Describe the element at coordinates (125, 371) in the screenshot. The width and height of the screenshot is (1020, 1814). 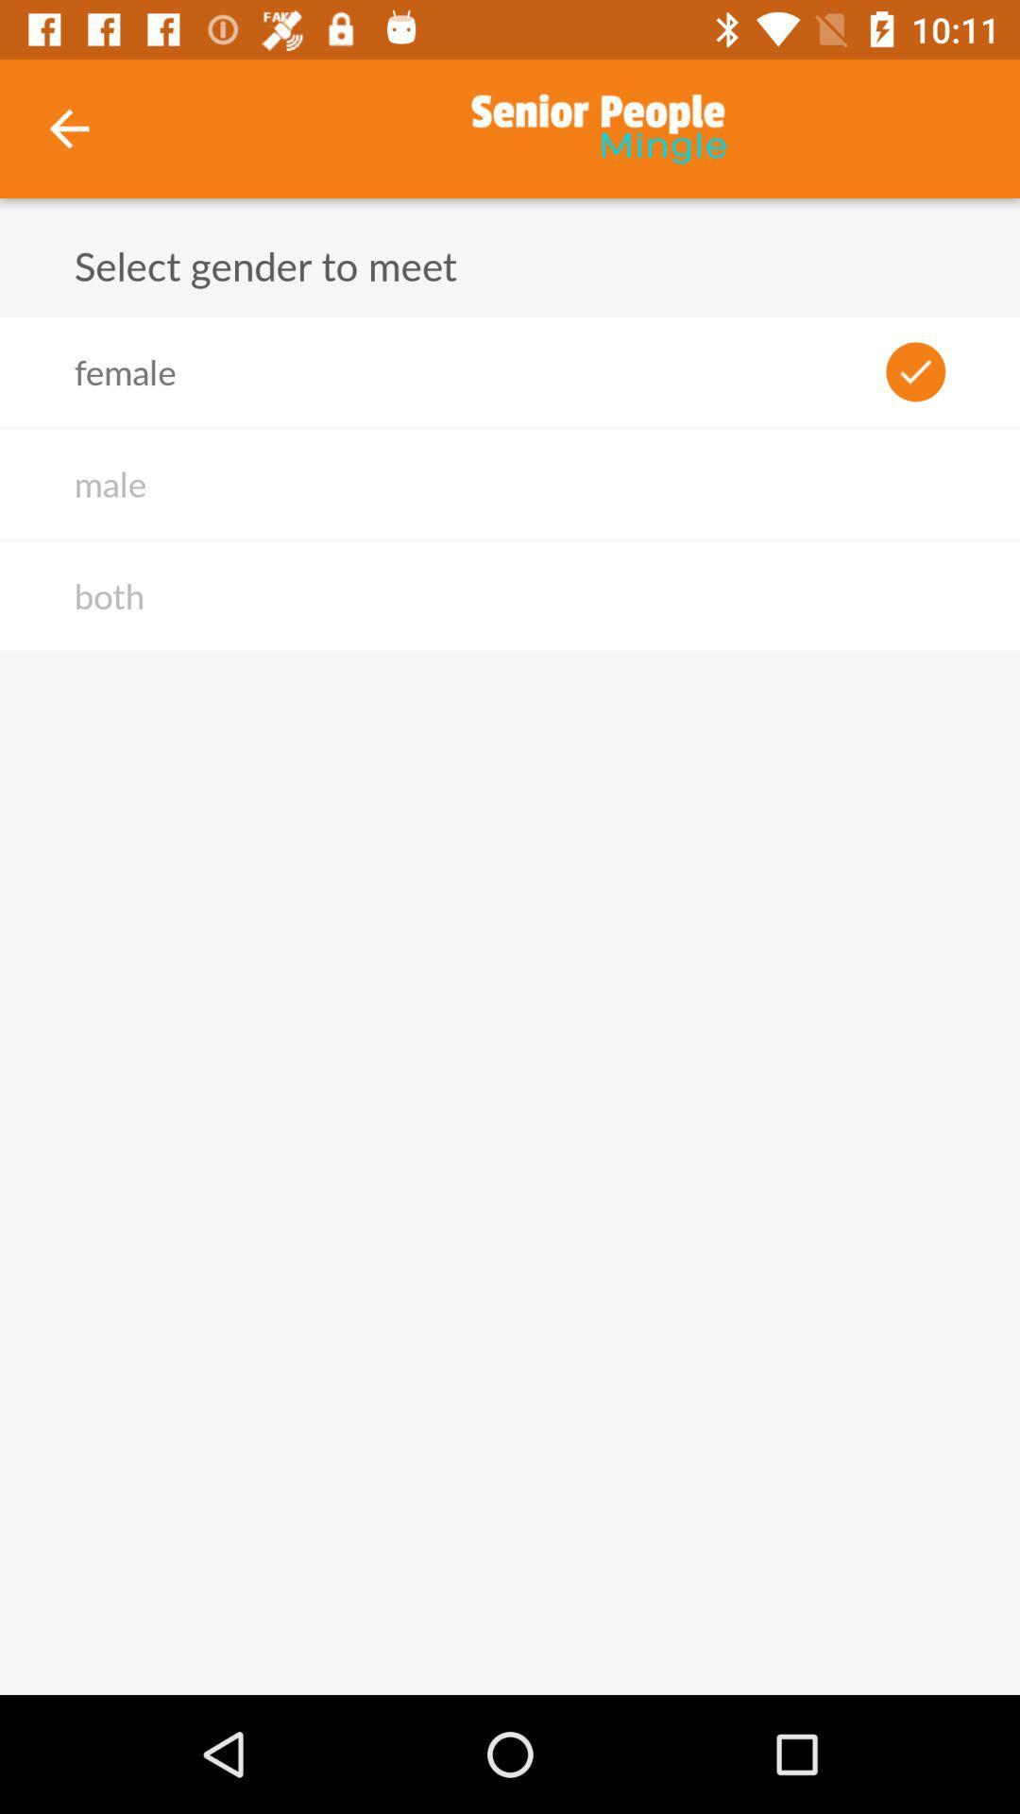
I see `item below select gender to` at that location.